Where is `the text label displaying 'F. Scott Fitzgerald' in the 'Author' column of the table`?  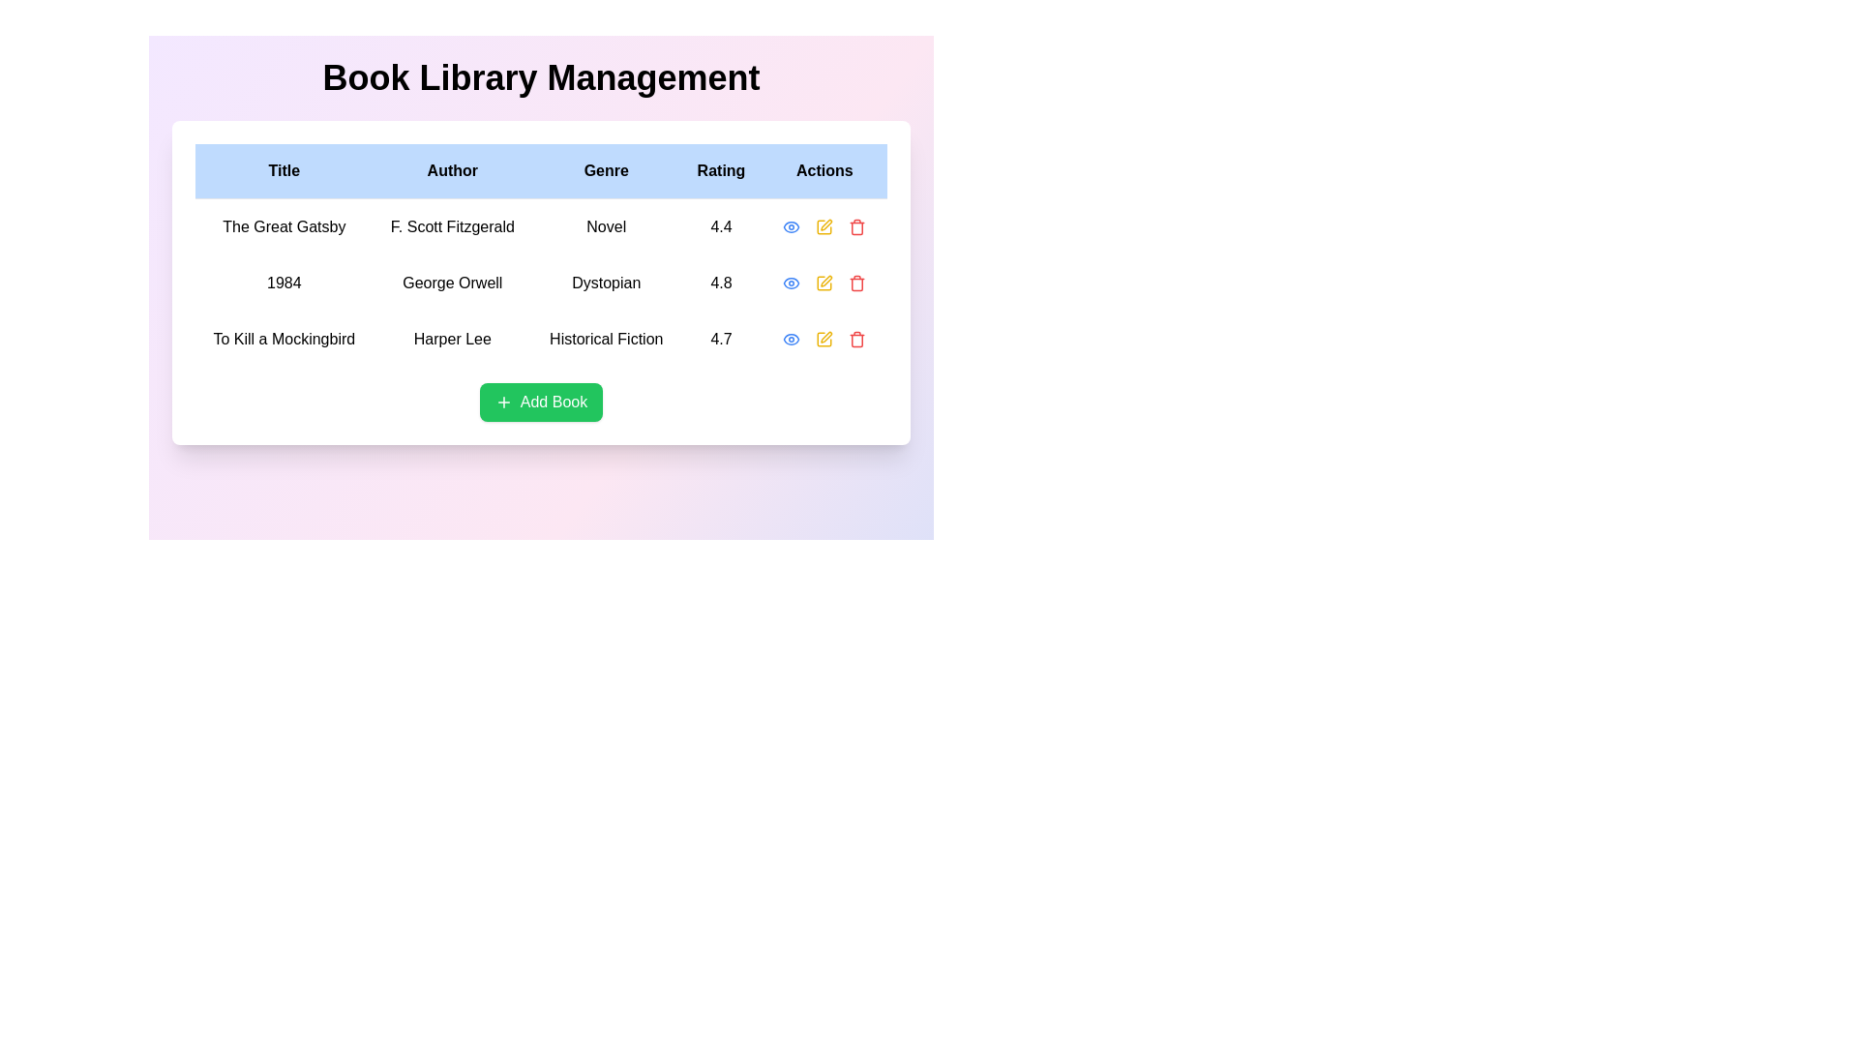 the text label displaying 'F. Scott Fitzgerald' in the 'Author' column of the table is located at coordinates (451, 225).